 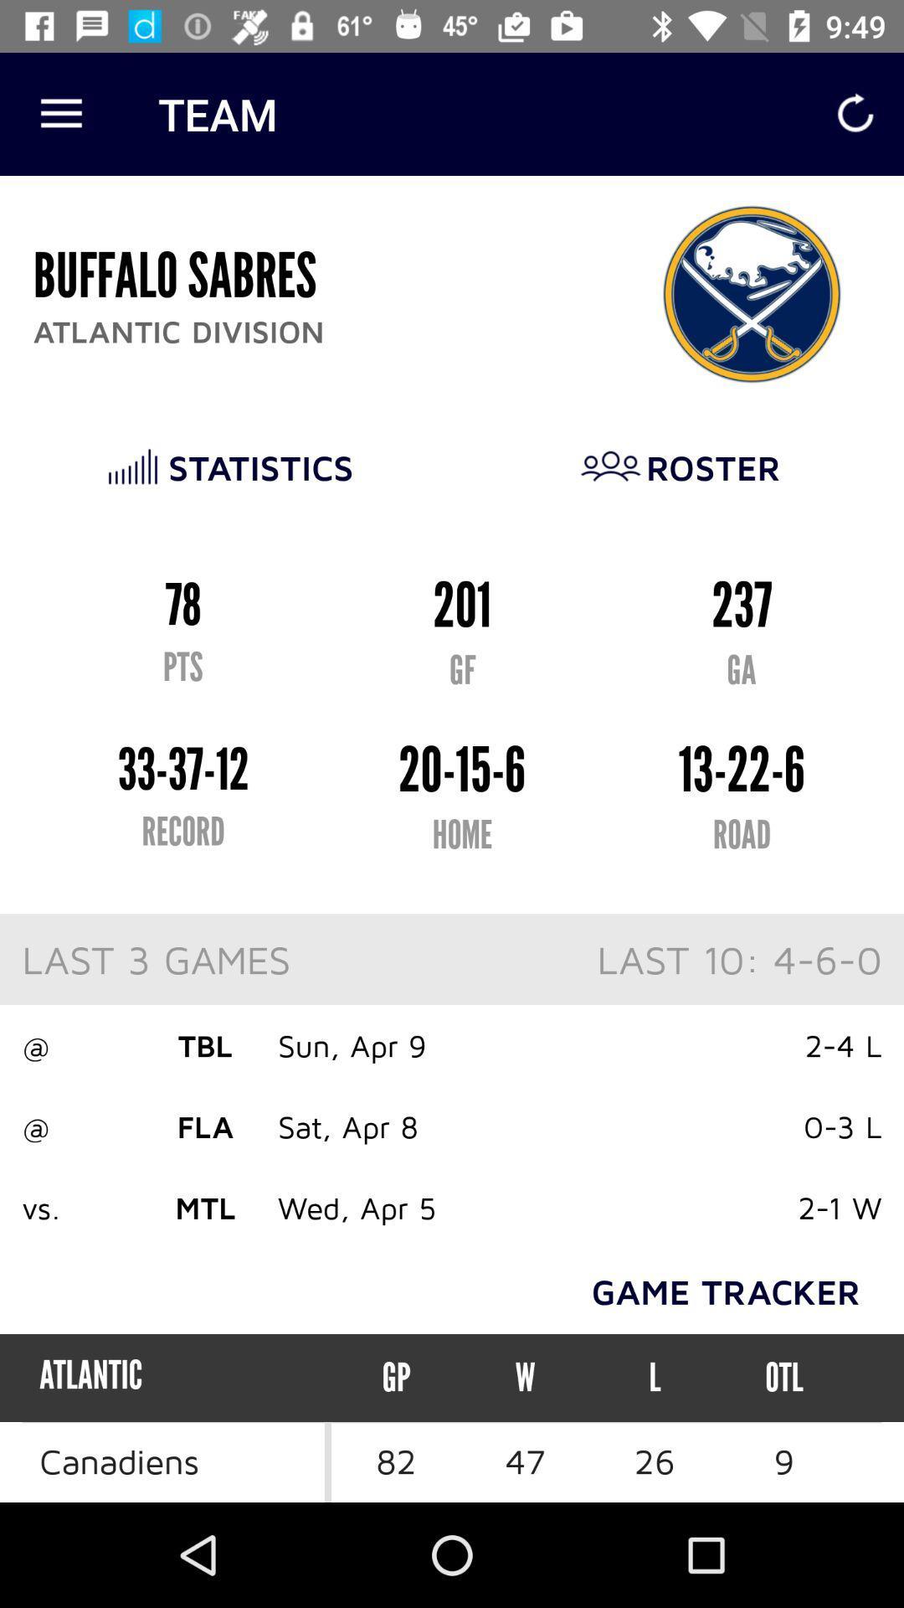 What do you see at coordinates (610, 466) in the screenshot?
I see `the image before roster` at bounding box center [610, 466].